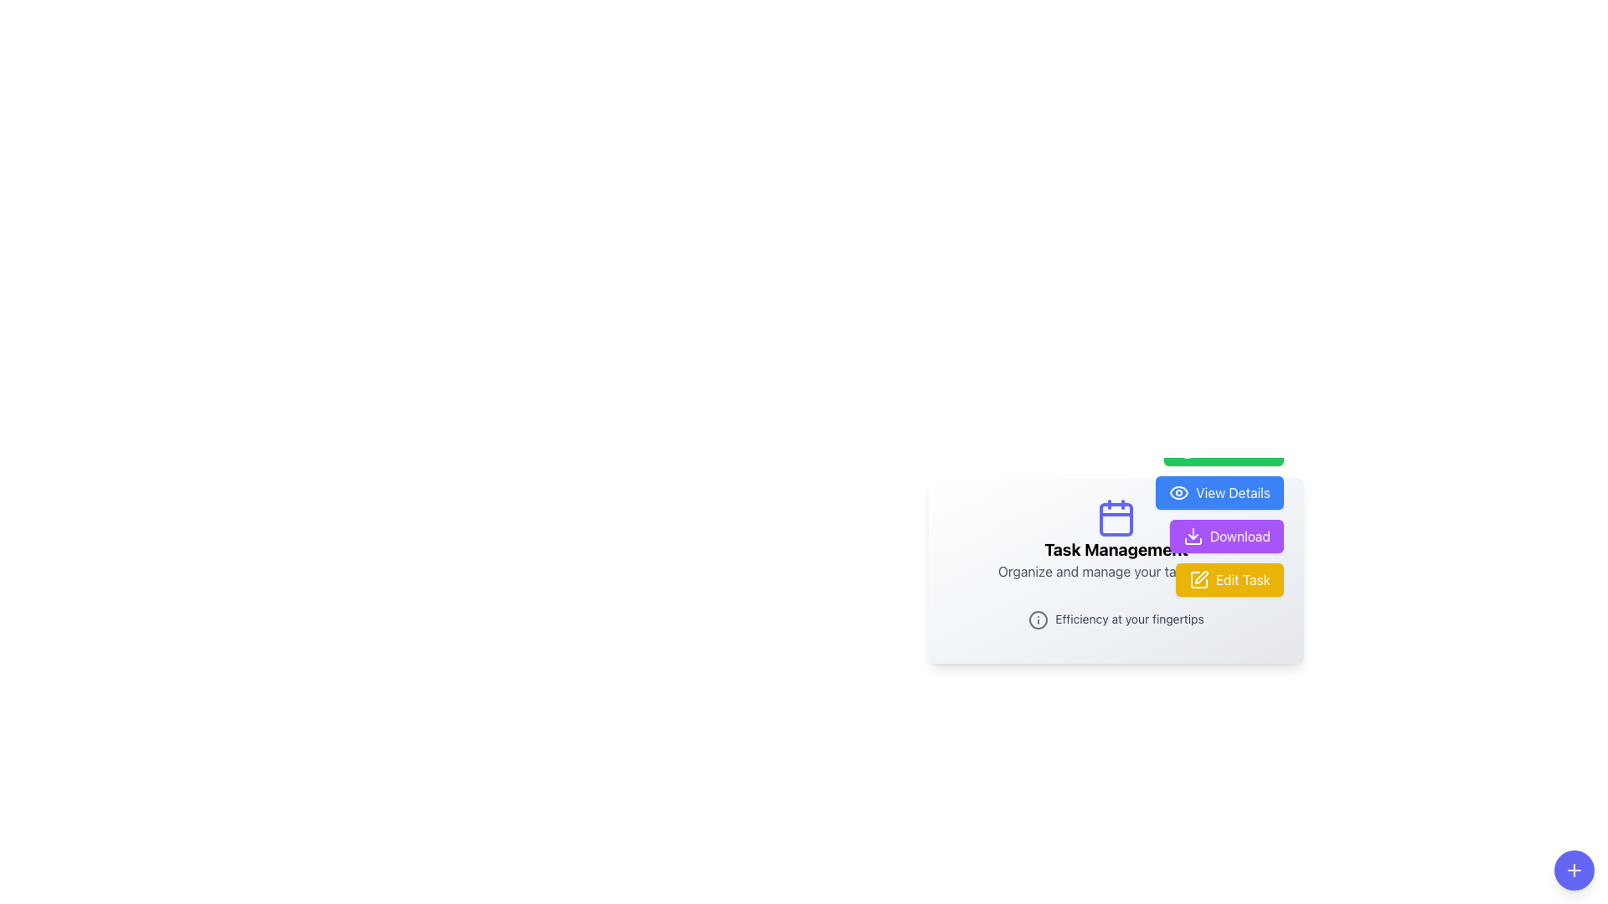 Image resolution: width=1608 pixels, height=904 pixels. Describe the element at coordinates (1574, 870) in the screenshot. I see `the Floating Action Button (FAB) with a deep indigo background and a white plus icon to activate the scale effect` at that location.